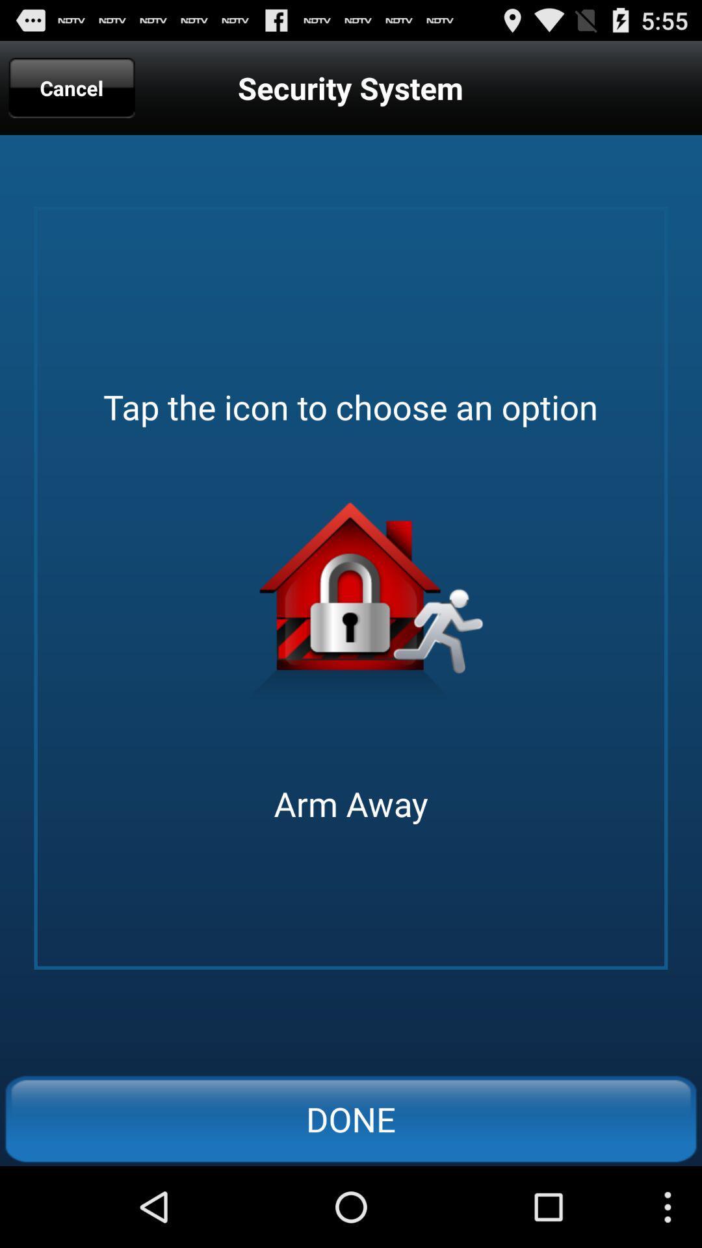  I want to click on arm away option, so click(351, 606).